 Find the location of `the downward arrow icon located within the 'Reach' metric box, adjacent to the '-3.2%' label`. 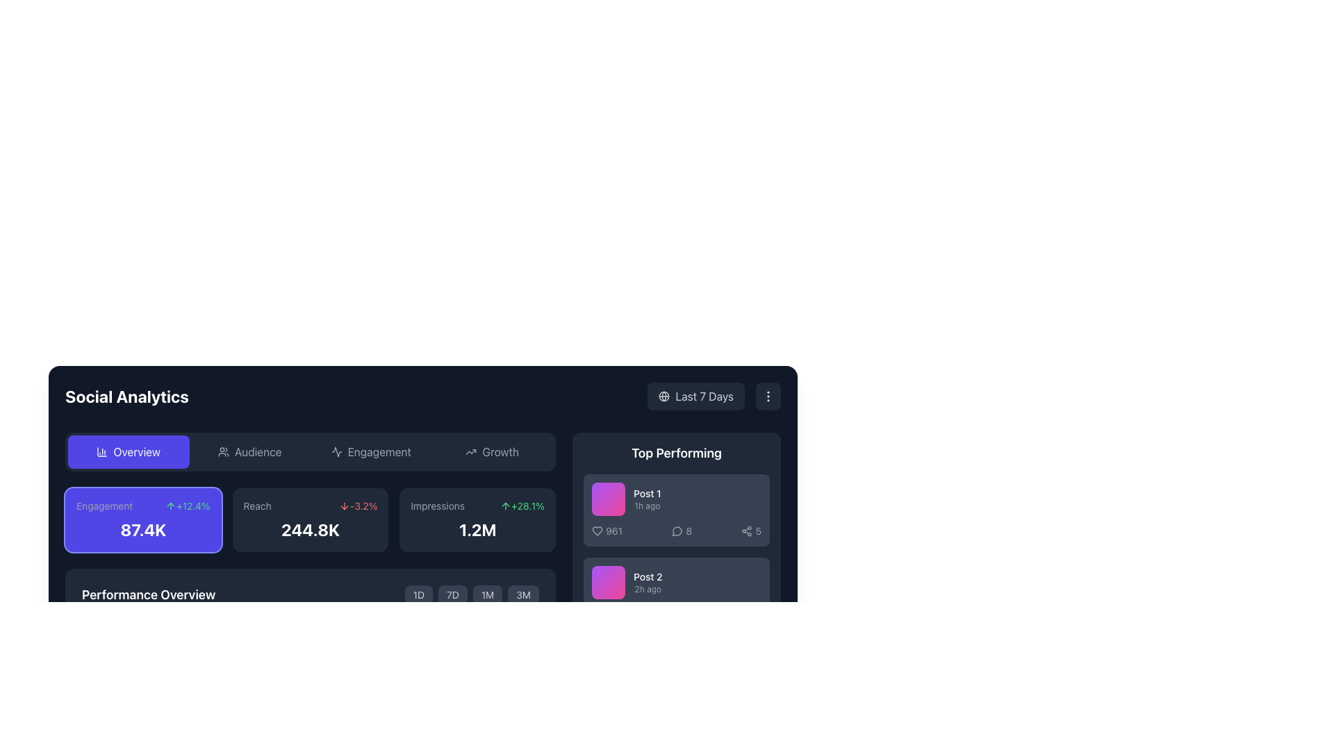

the downward arrow icon located within the 'Reach' metric box, adjacent to the '-3.2%' label is located at coordinates (344, 506).